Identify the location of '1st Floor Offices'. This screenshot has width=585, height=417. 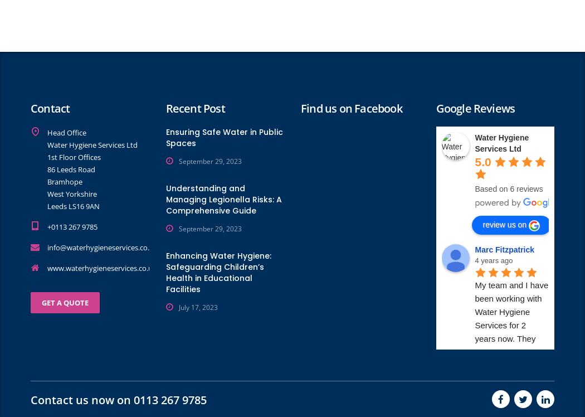
(47, 157).